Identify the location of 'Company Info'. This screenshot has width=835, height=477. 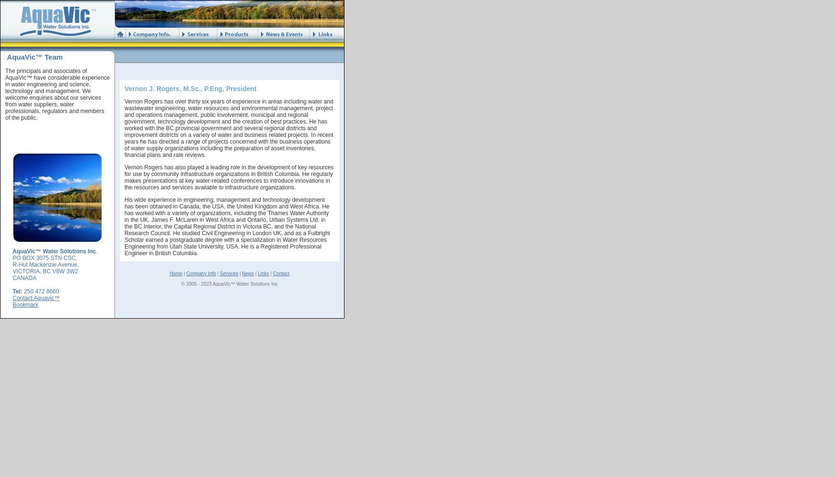
(186, 273).